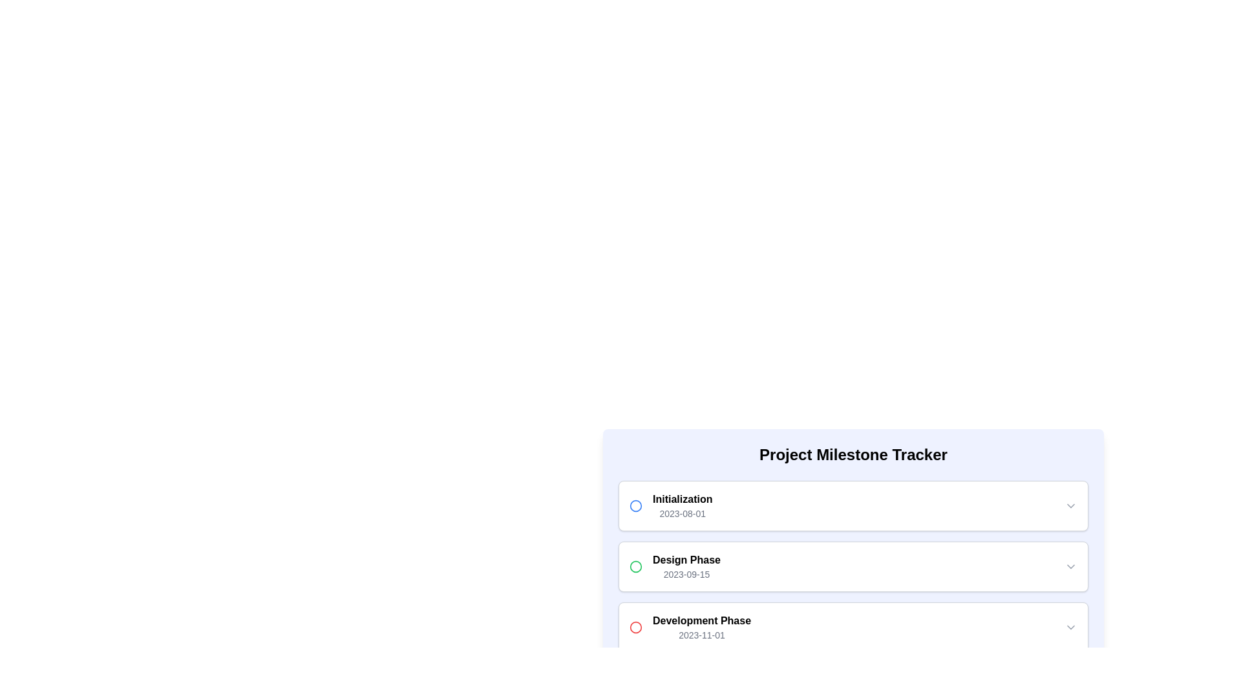  I want to click on the Text Display element that shows 'Development Phase' in bold and '2023-11-01' in smaller grey text, located at the bottom of the project milestone tracker list, so click(701, 627).